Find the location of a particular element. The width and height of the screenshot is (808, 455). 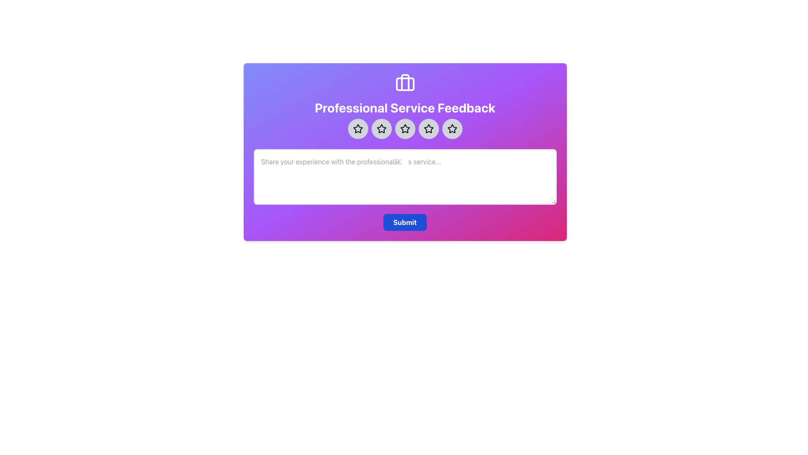

the third Rating Star Icon is located at coordinates (405, 128).